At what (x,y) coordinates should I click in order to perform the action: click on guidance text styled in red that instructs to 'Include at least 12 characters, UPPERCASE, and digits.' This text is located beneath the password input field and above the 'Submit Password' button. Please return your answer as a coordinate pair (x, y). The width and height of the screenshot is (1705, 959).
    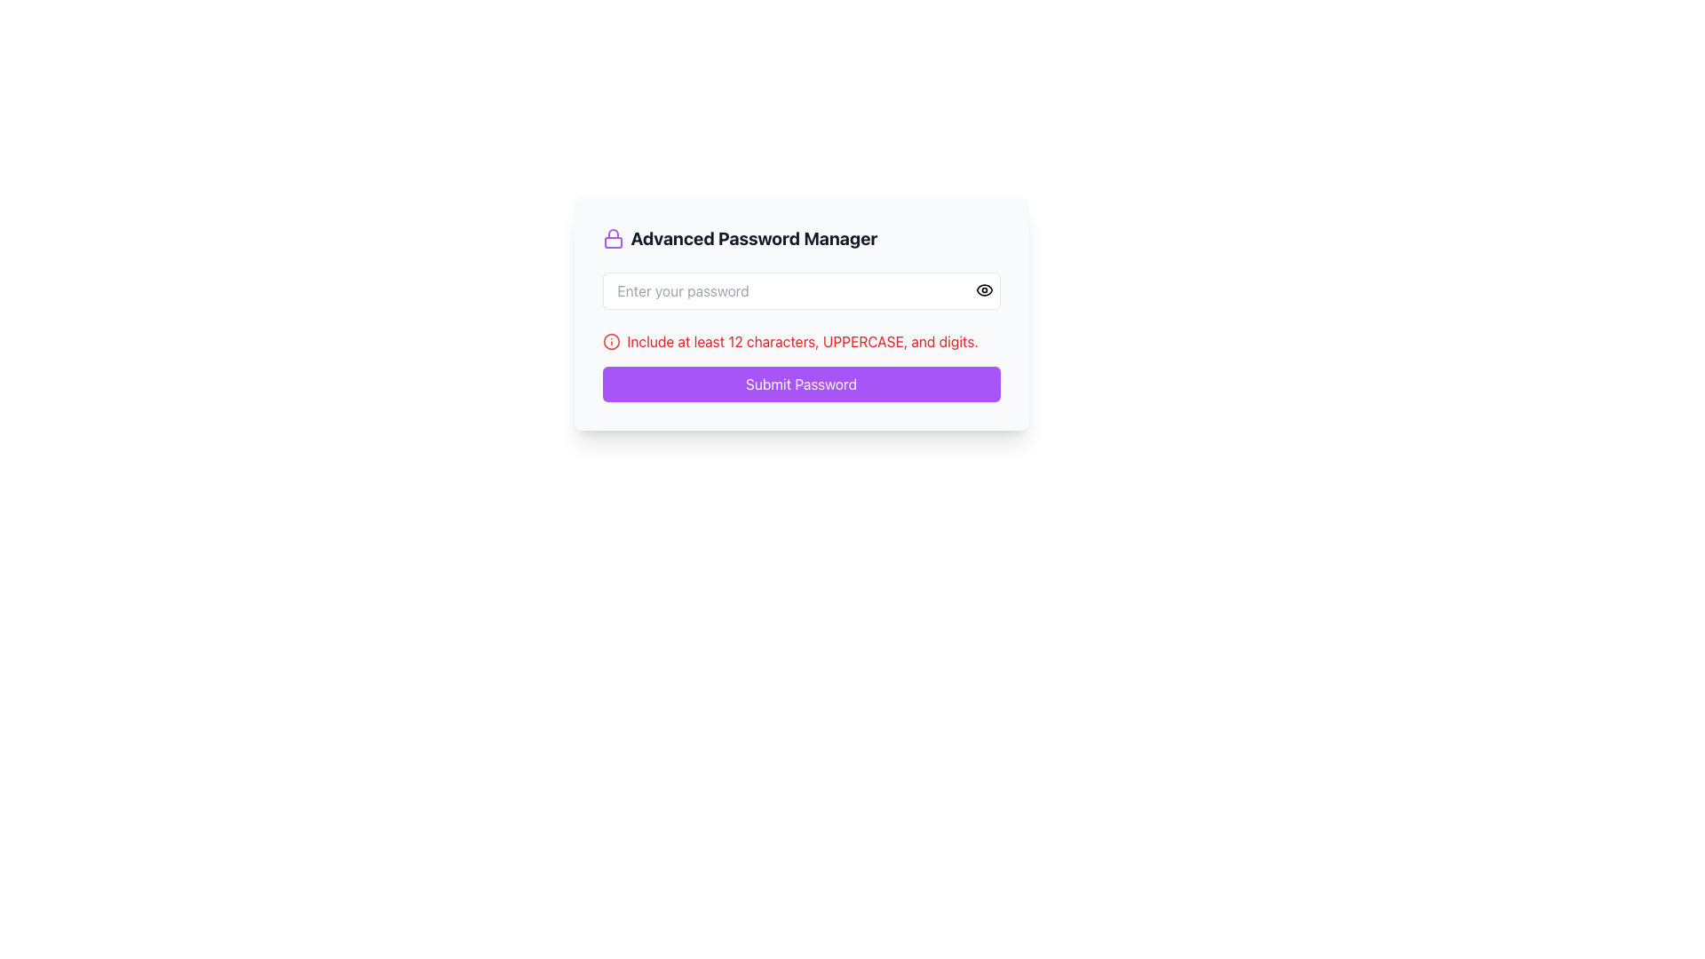
    Looking at the image, I should click on (802, 342).